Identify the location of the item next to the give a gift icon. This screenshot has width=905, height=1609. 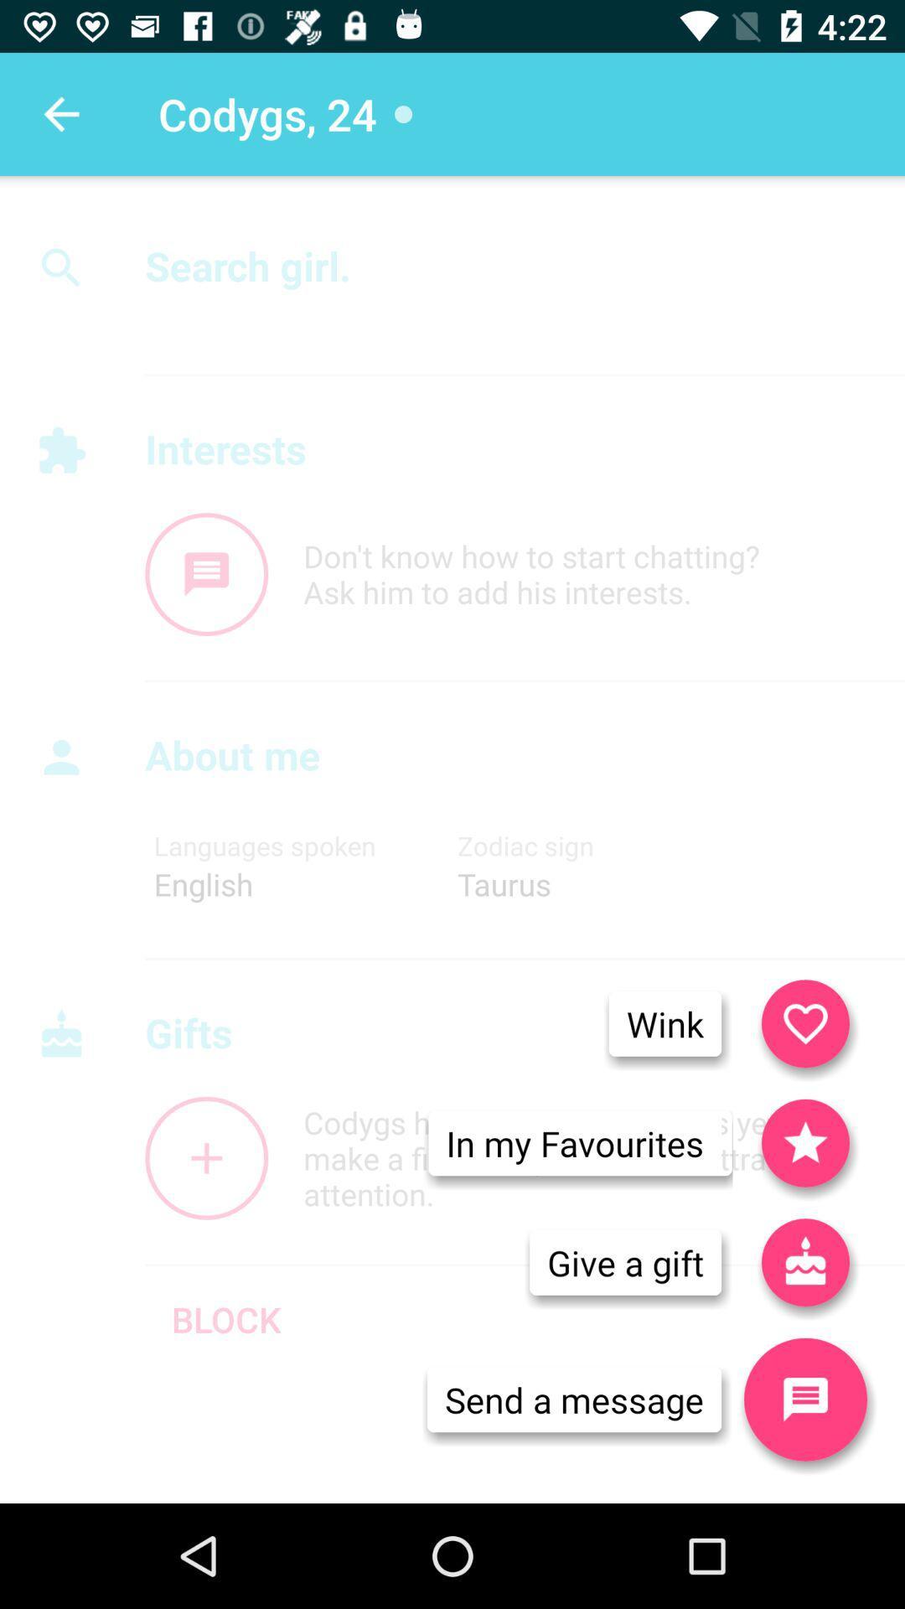
(804, 1399).